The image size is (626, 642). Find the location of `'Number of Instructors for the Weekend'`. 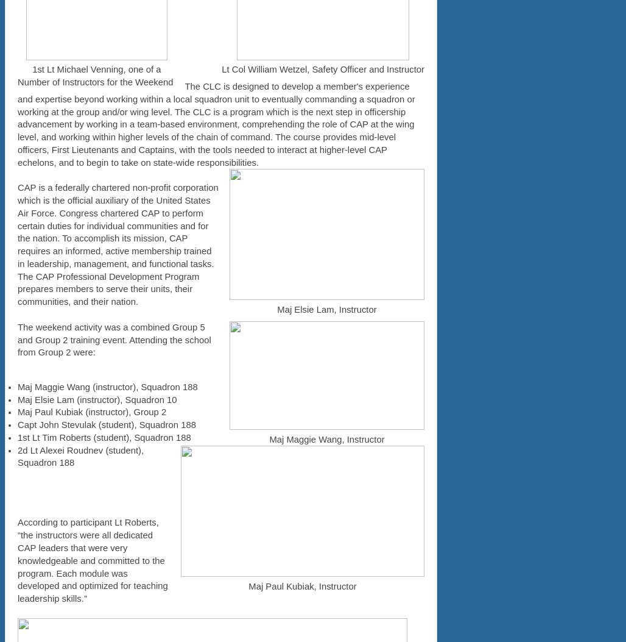

'Number of Instructors for the Weekend' is located at coordinates (96, 82).